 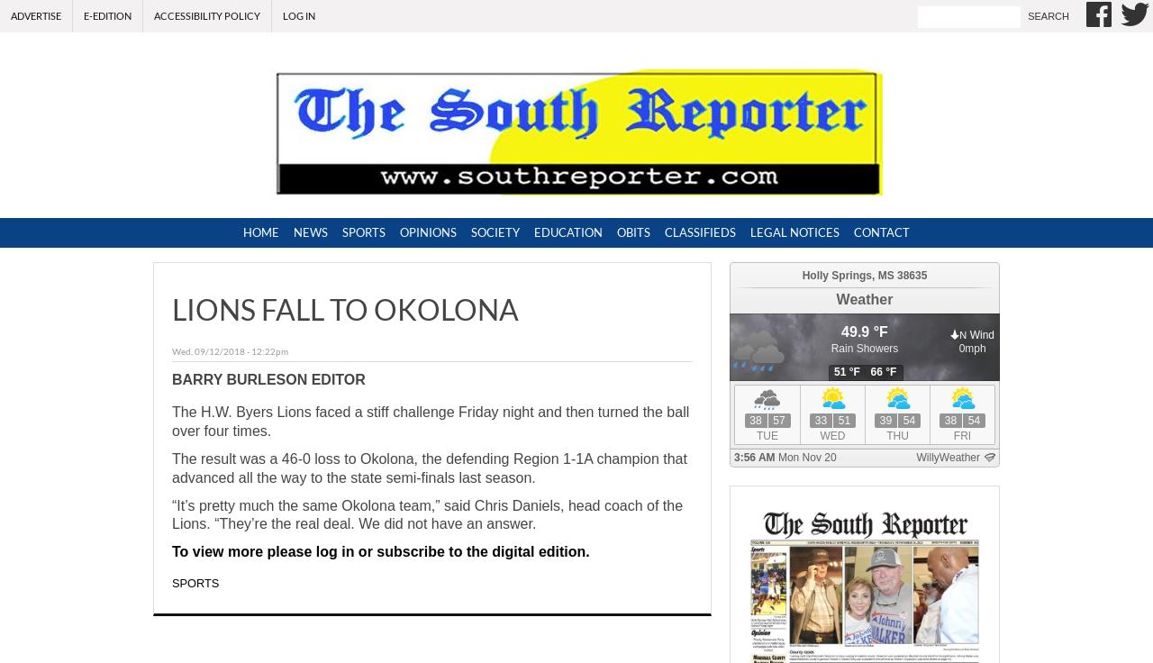 I want to click on 'Obits', so click(x=617, y=232).